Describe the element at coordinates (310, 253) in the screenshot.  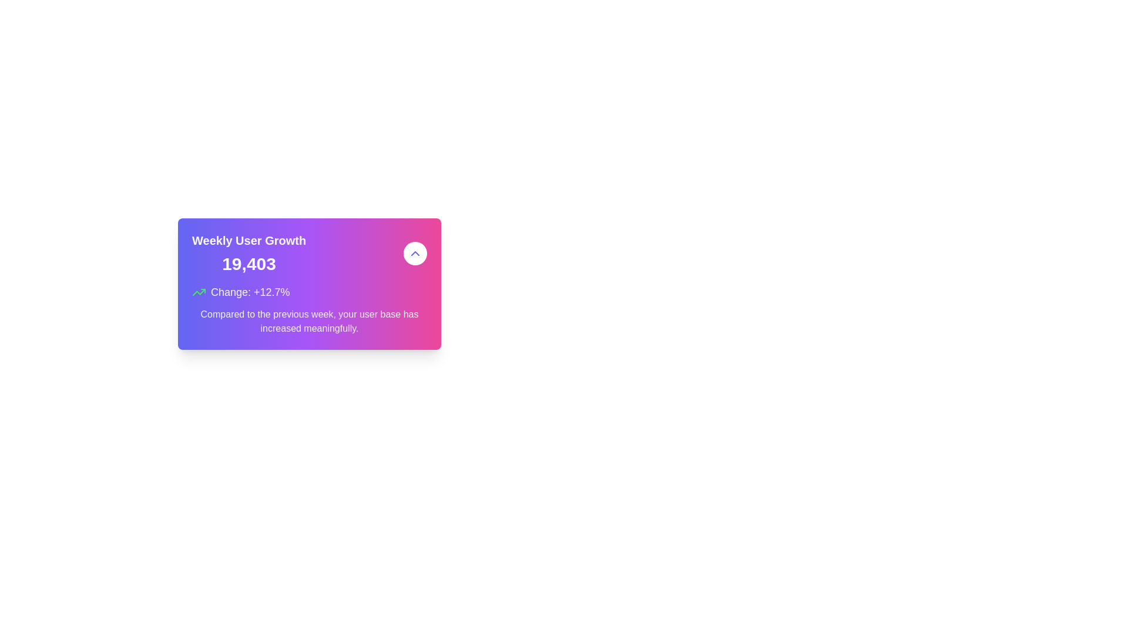
I see `the 'Weekly User Growth' informative metric display element, which shows the value '19,403' and is positioned in the central-upper segment of the card` at that location.